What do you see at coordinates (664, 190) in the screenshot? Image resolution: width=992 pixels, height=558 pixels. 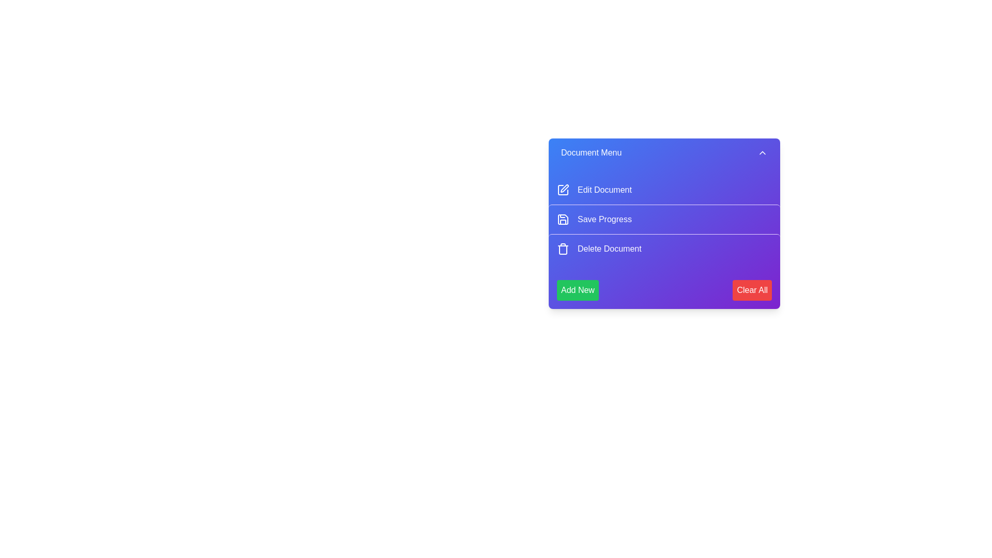 I see `the 'Edit Document' option to select it` at bounding box center [664, 190].